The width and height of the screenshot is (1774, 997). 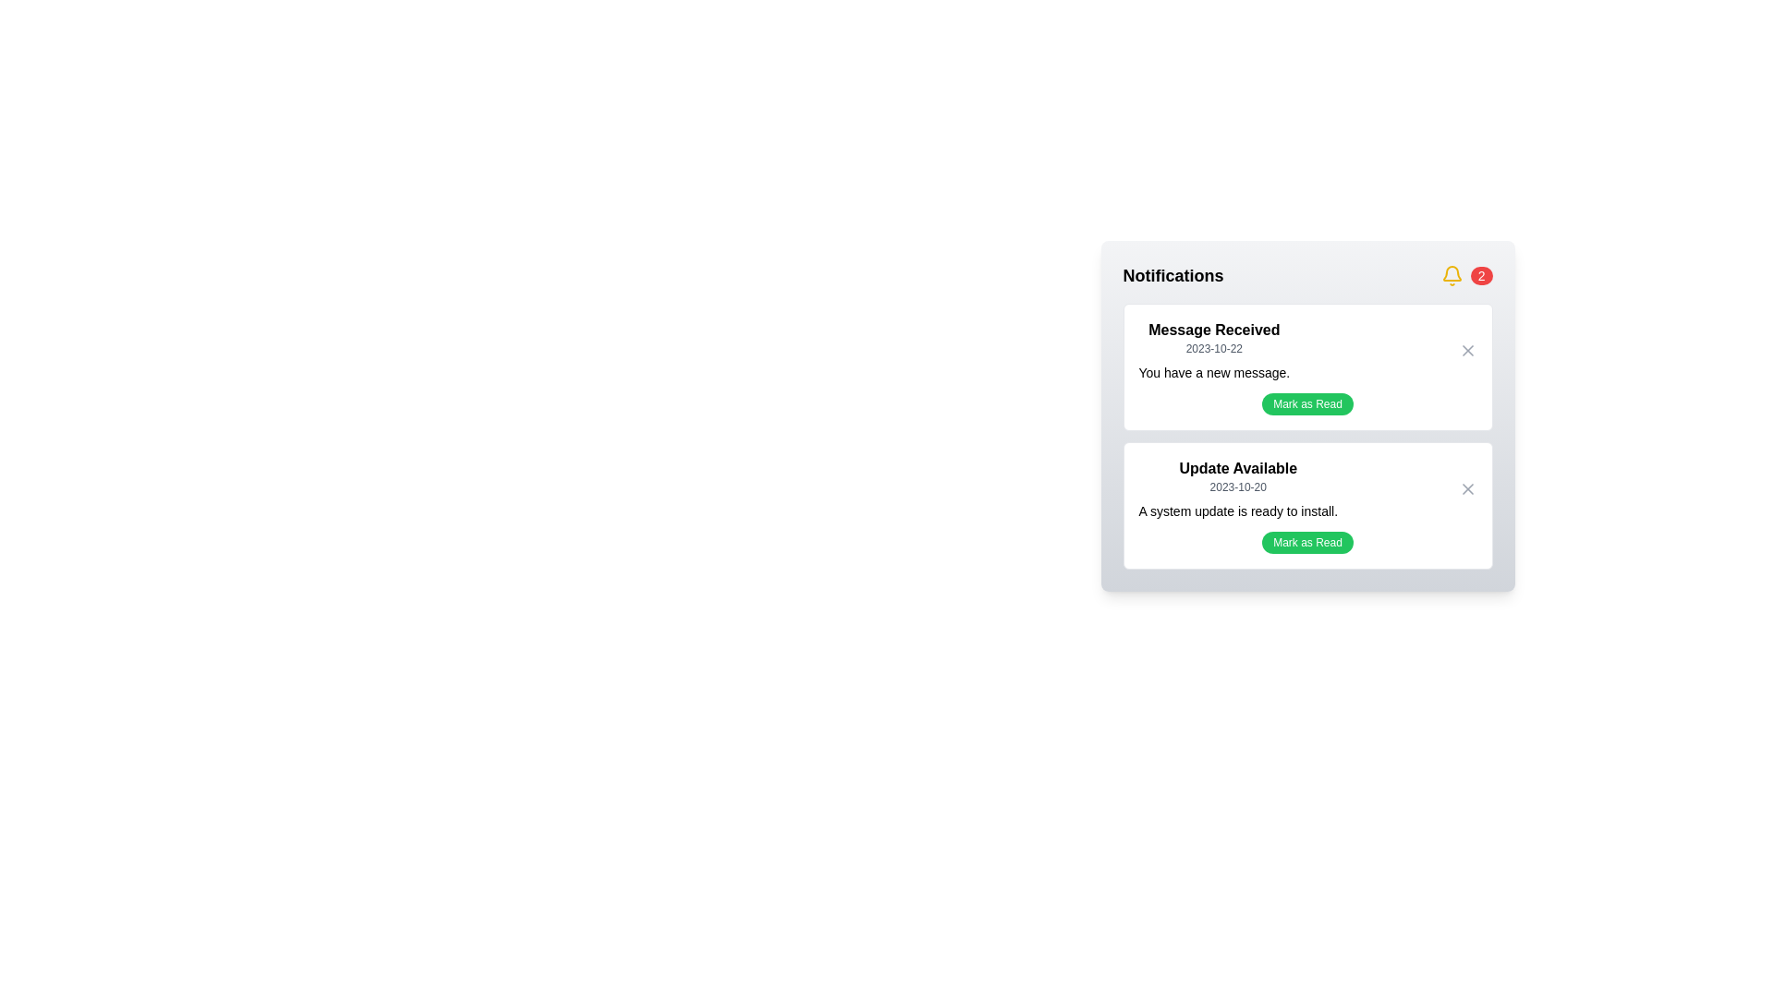 I want to click on the Text Display element showing the date '2023-10-20', which is styled in gray and located within the notification card under 'Notifications', so click(x=1238, y=486).